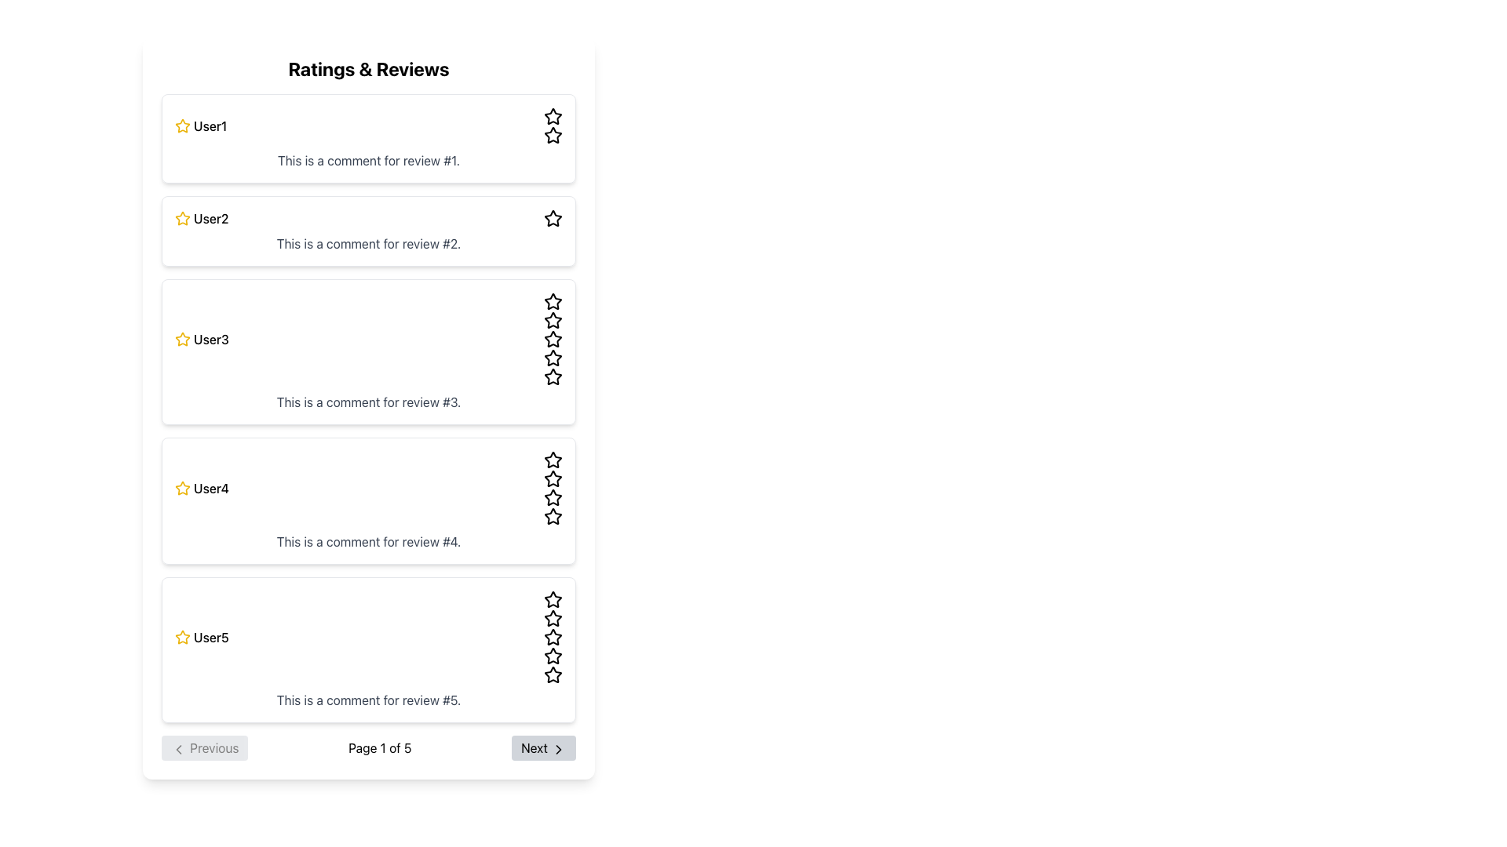 The height and width of the screenshot is (847, 1507). Describe the element at coordinates (553, 459) in the screenshot. I see `the third star rating icon in User4's review located in the Ratings & Reviews section of the fourth review card` at that location.